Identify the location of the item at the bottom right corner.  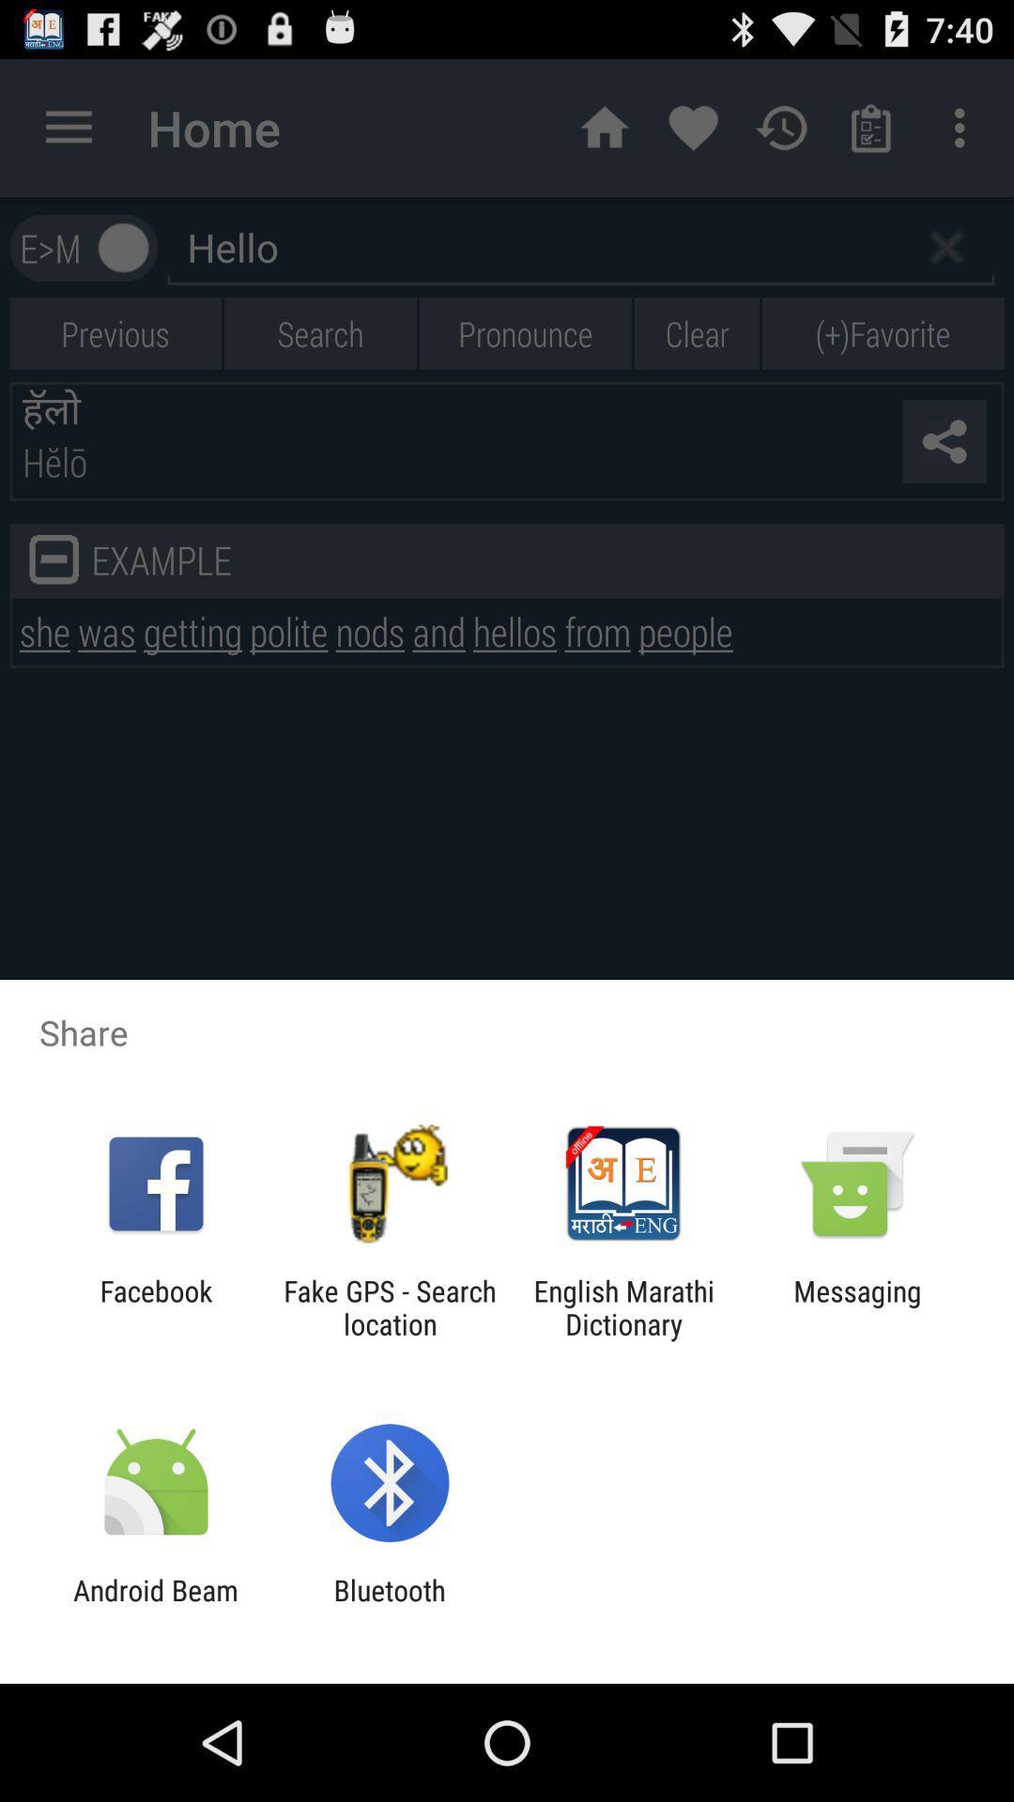
(857, 1306).